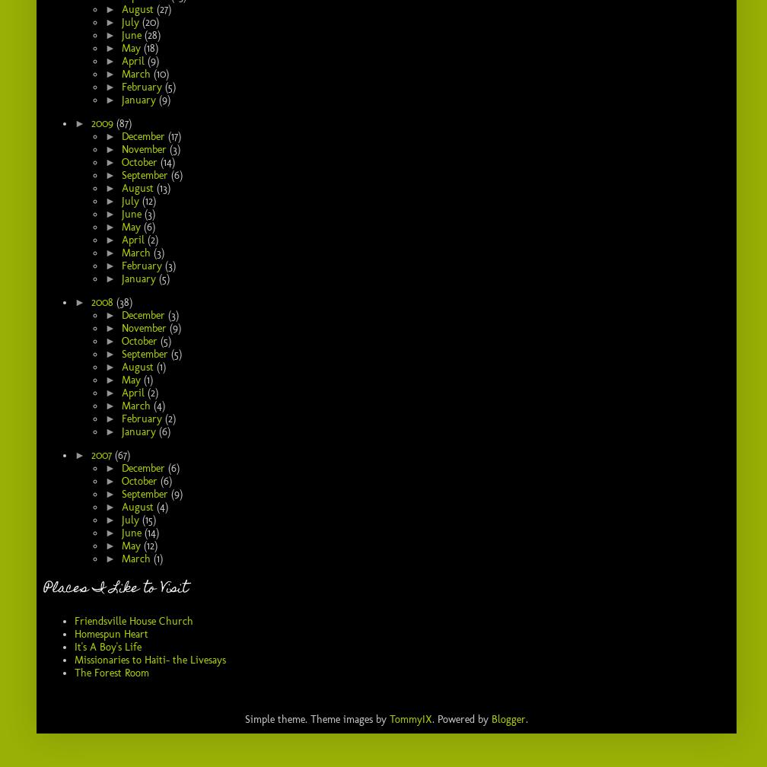 This screenshot has width=767, height=767. Describe the element at coordinates (123, 301) in the screenshot. I see `'(38)'` at that location.